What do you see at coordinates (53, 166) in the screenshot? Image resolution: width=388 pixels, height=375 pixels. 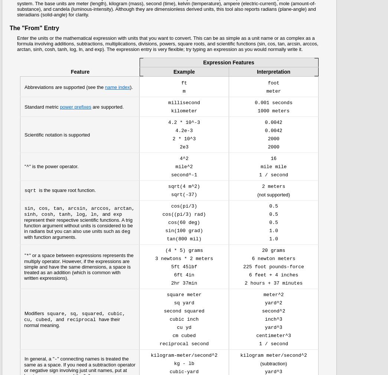 I see `'" is the power operator.'` at bounding box center [53, 166].